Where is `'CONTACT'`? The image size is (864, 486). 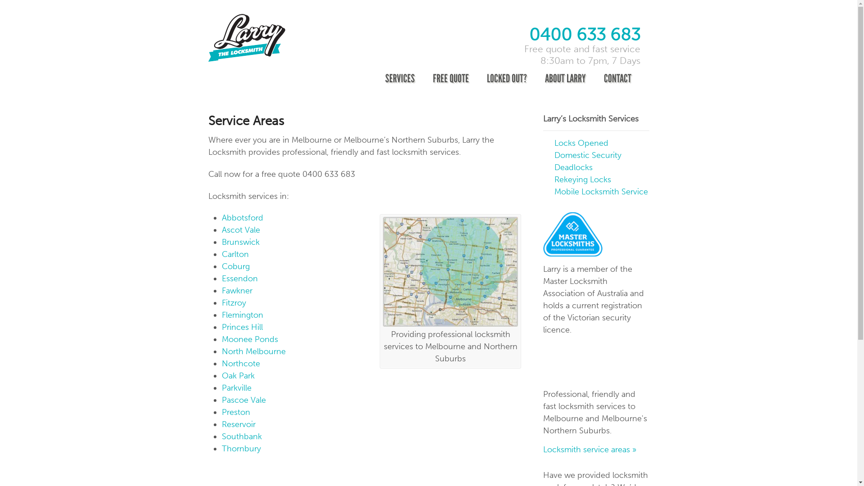
'CONTACT' is located at coordinates (594, 78).